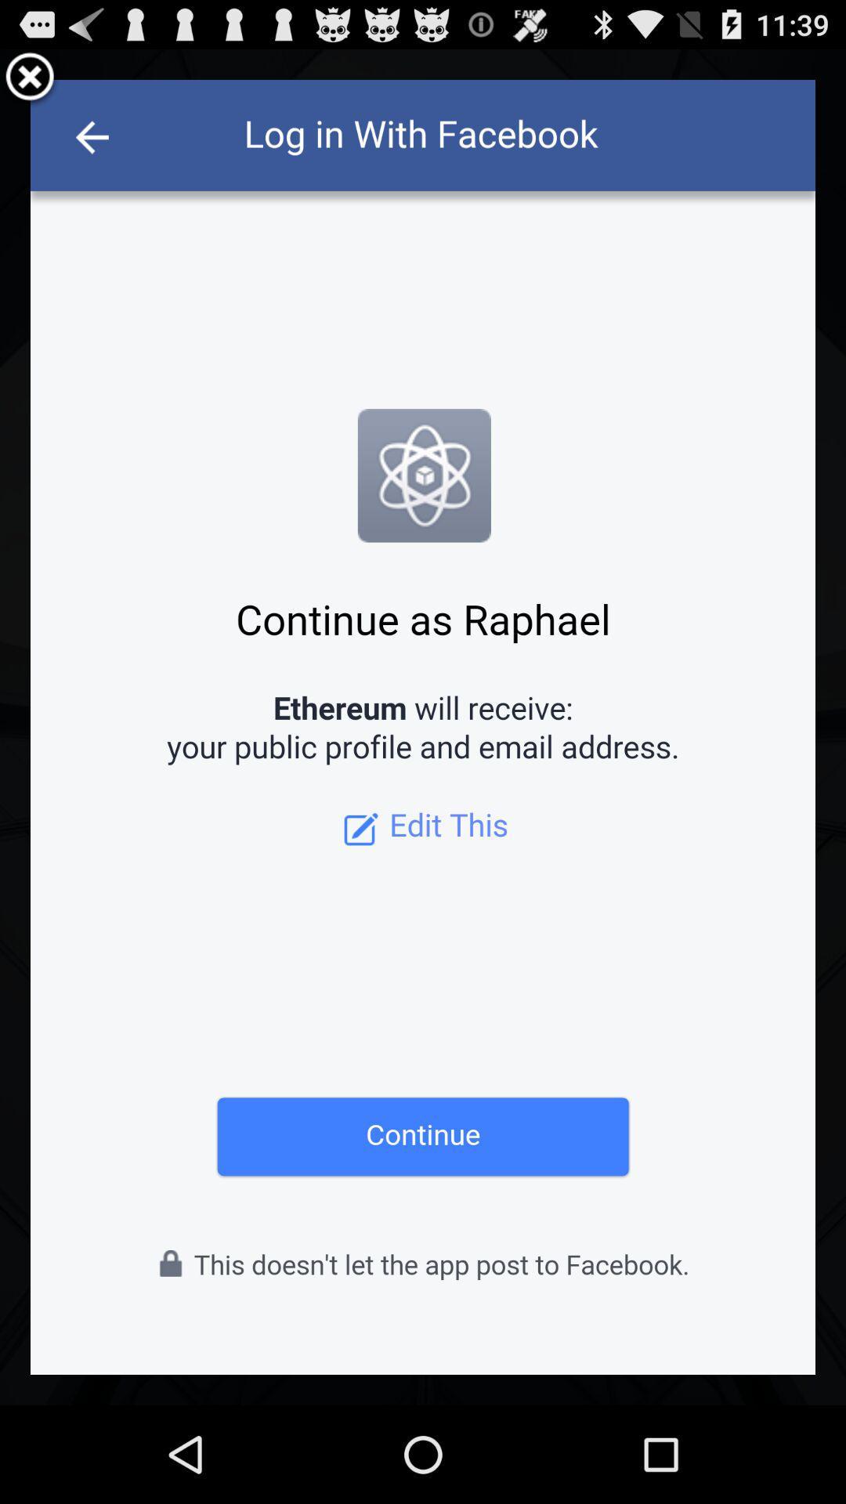 The image size is (846, 1504). What do you see at coordinates (30, 78) in the screenshot?
I see `exit` at bounding box center [30, 78].